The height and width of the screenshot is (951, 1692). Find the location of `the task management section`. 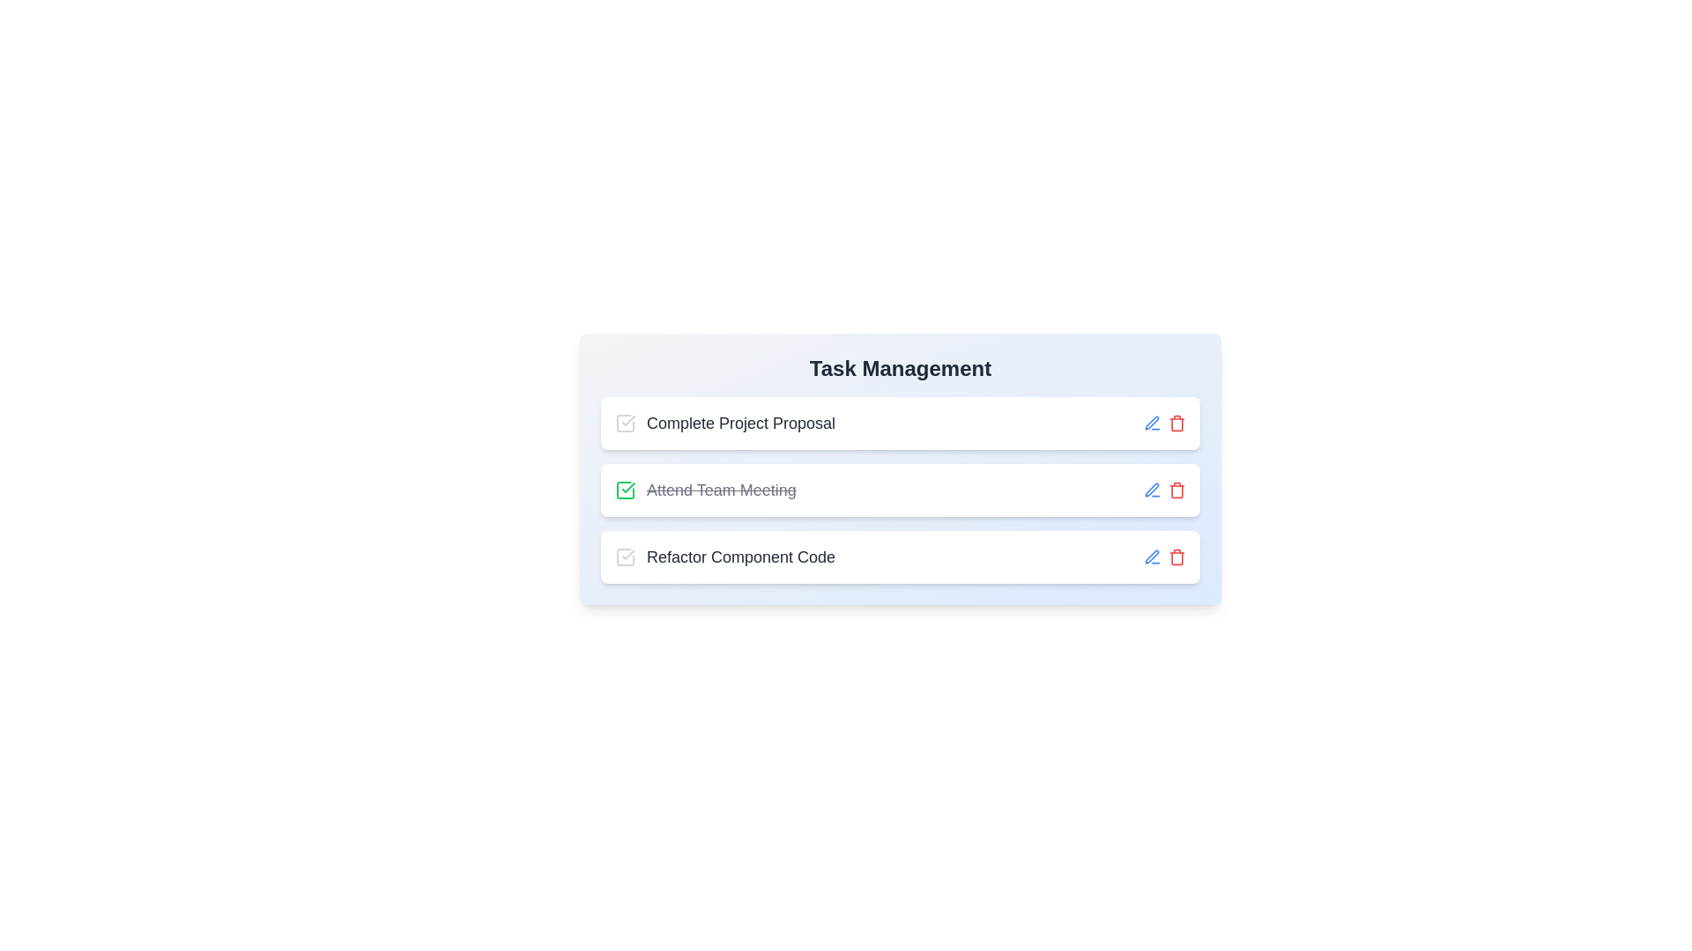

the task management section is located at coordinates (901, 368).